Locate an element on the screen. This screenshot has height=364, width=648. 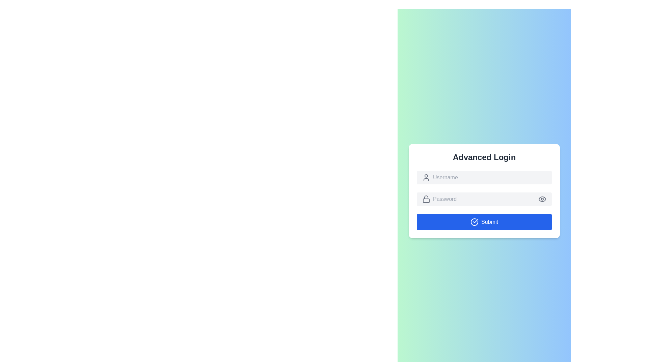
the checkmark icon located within the blue 'Submit' button to interact with the button is located at coordinates (474, 222).